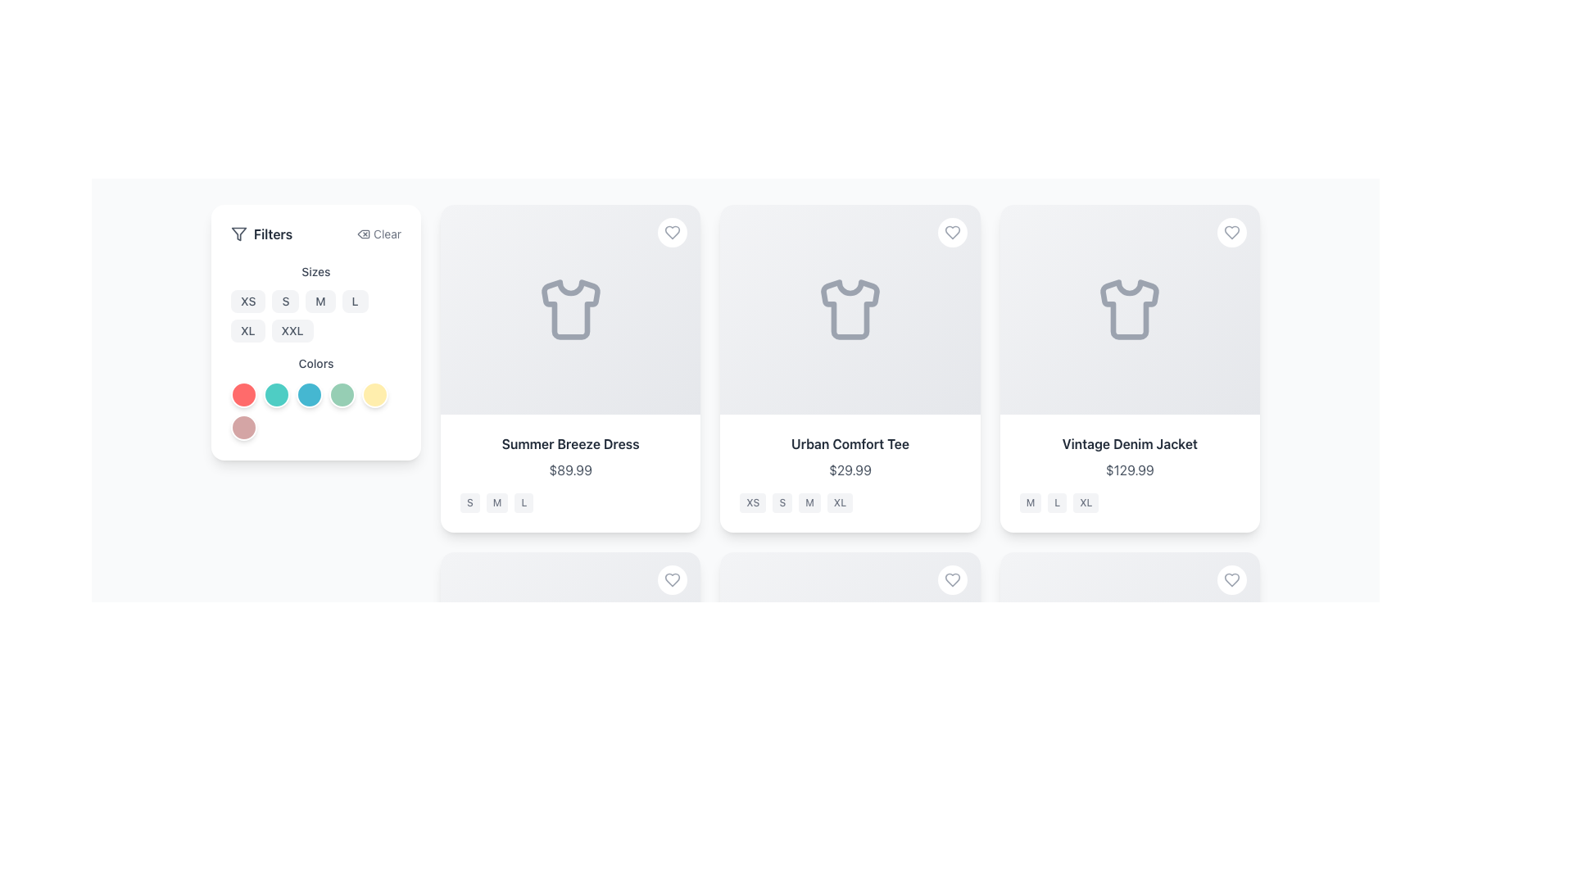 This screenshot has width=1573, height=885. What do you see at coordinates (1231, 233) in the screenshot?
I see `the heart-shaped button located` at bounding box center [1231, 233].